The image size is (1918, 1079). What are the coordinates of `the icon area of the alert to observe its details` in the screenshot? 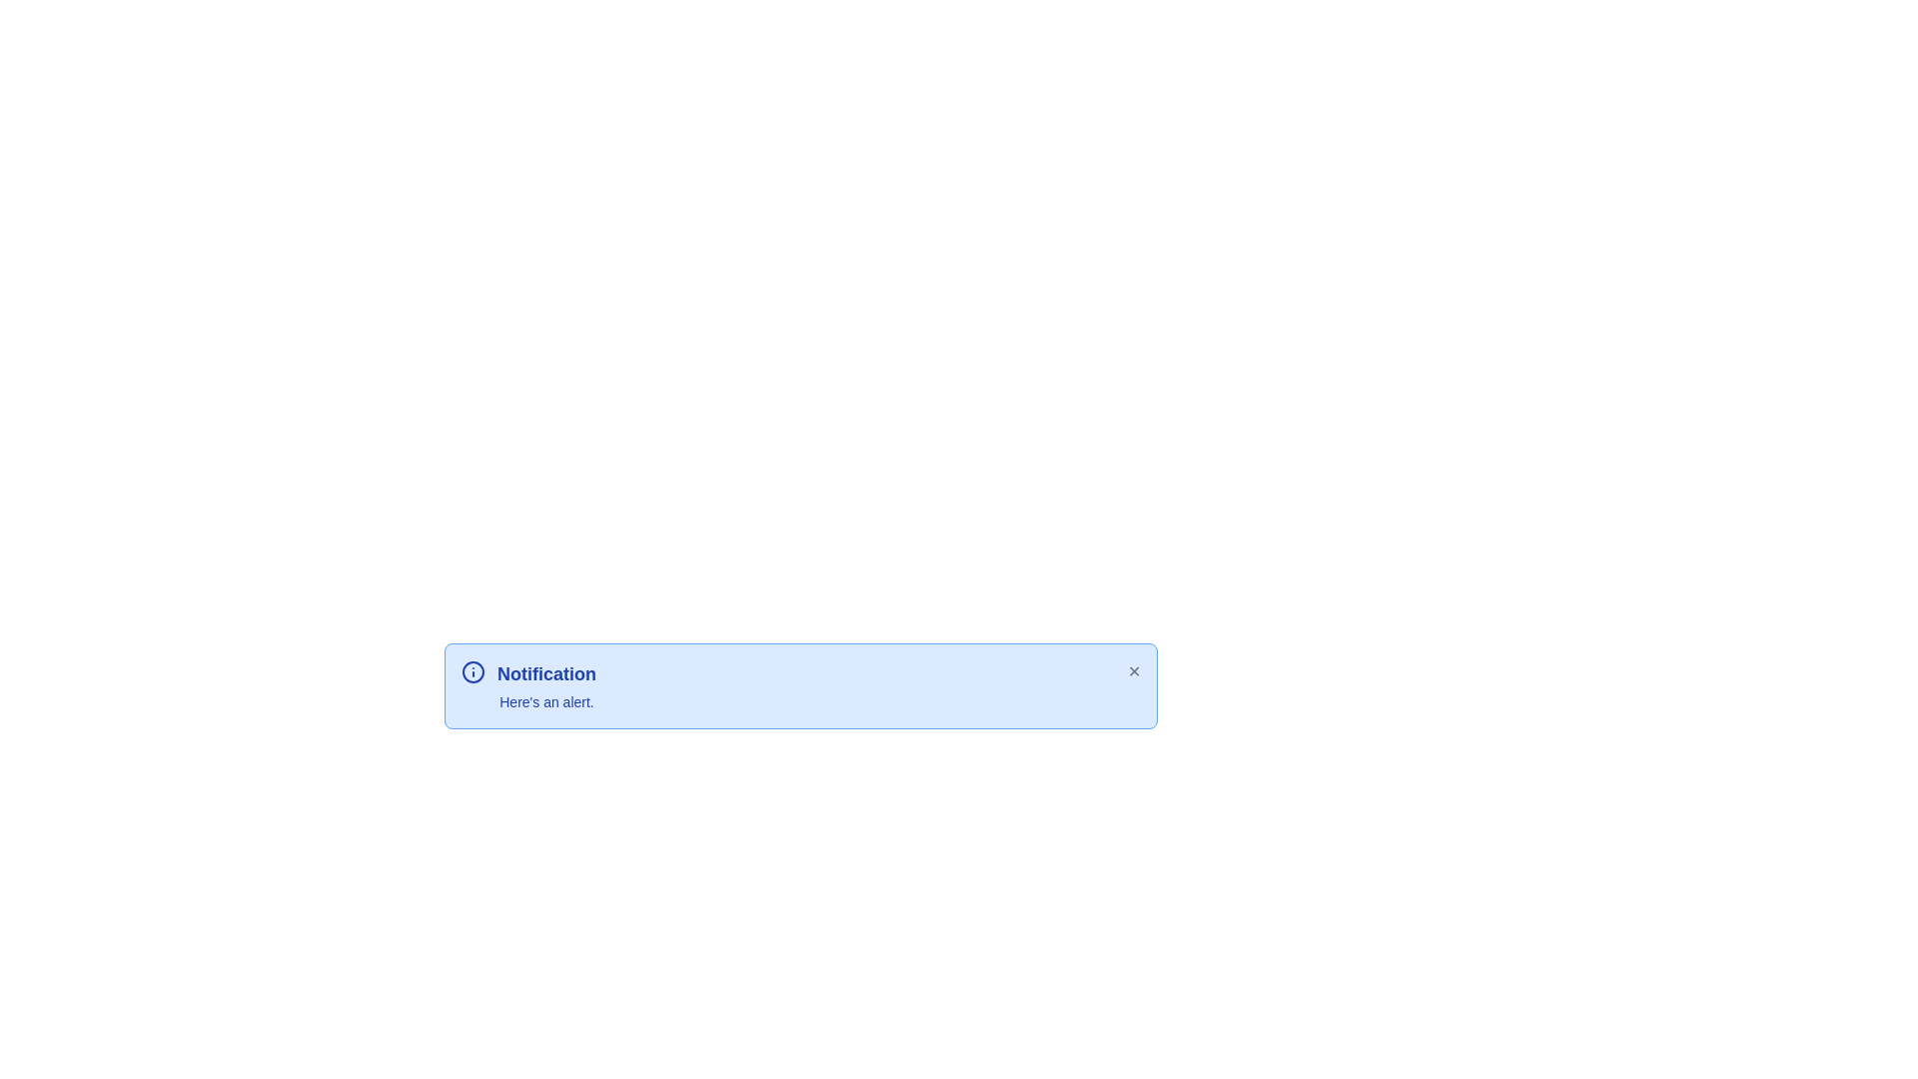 It's located at (473, 671).